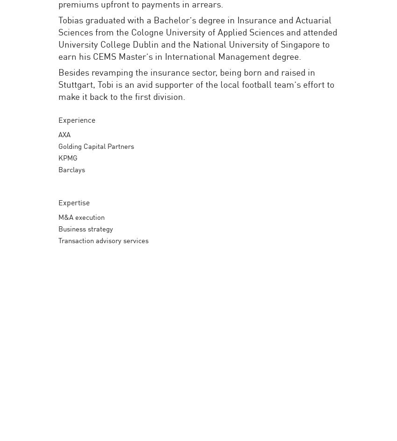 This screenshot has height=441, width=397. What do you see at coordinates (196, 83) in the screenshot?
I see `'Besides revamping the insurance sector, being born and raised in Stuttgart, Tobi is an avid supporter of the local football team’s effort to make it back to the first division.'` at bounding box center [196, 83].